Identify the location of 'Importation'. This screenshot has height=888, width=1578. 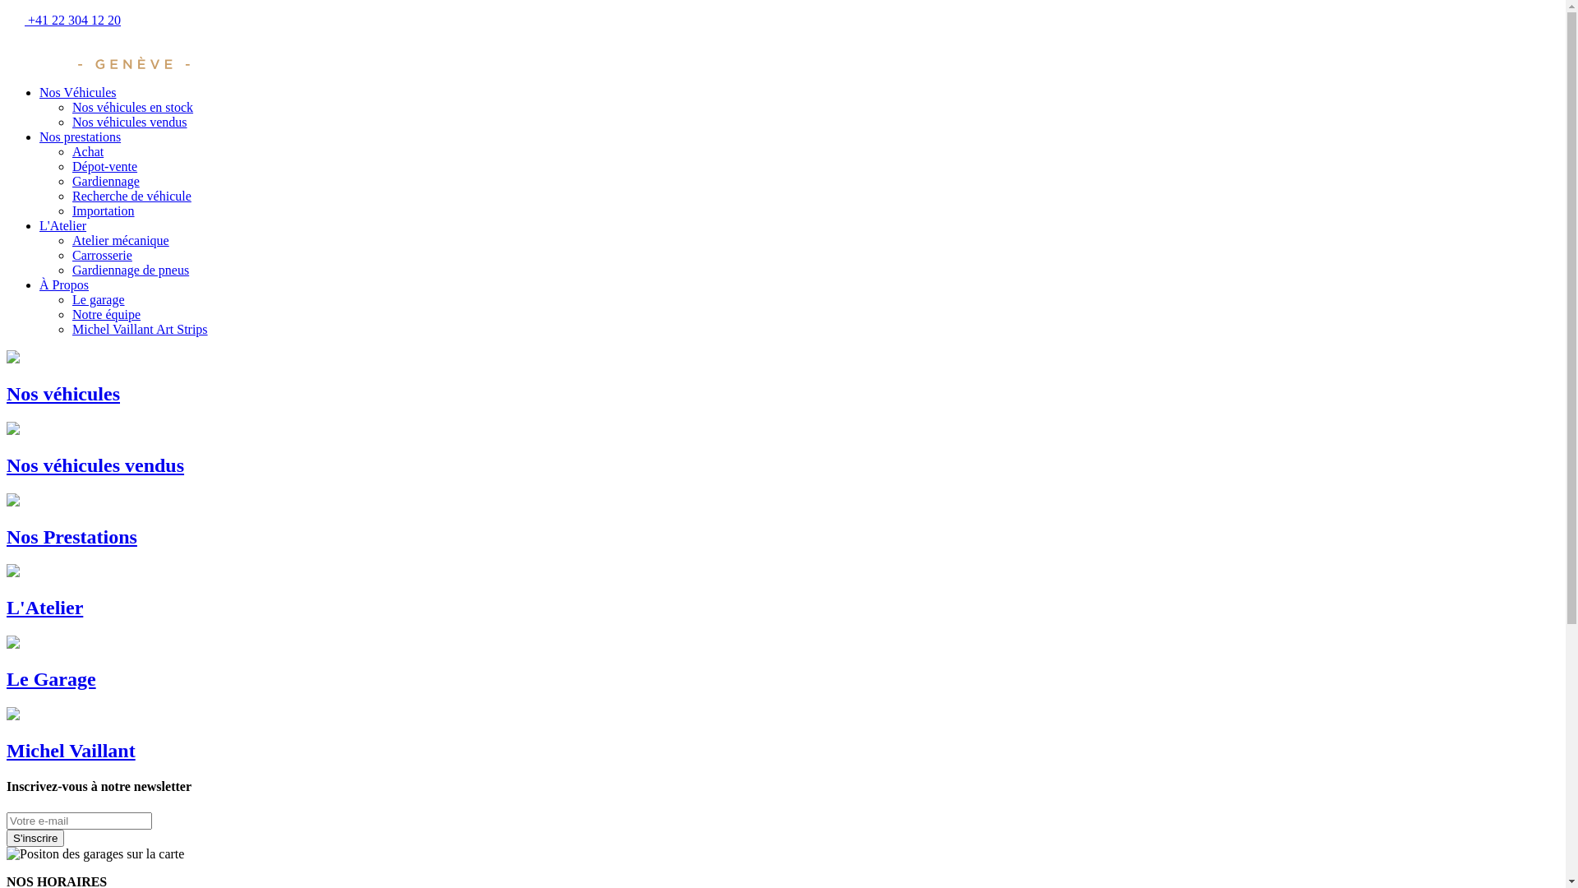
(71, 210).